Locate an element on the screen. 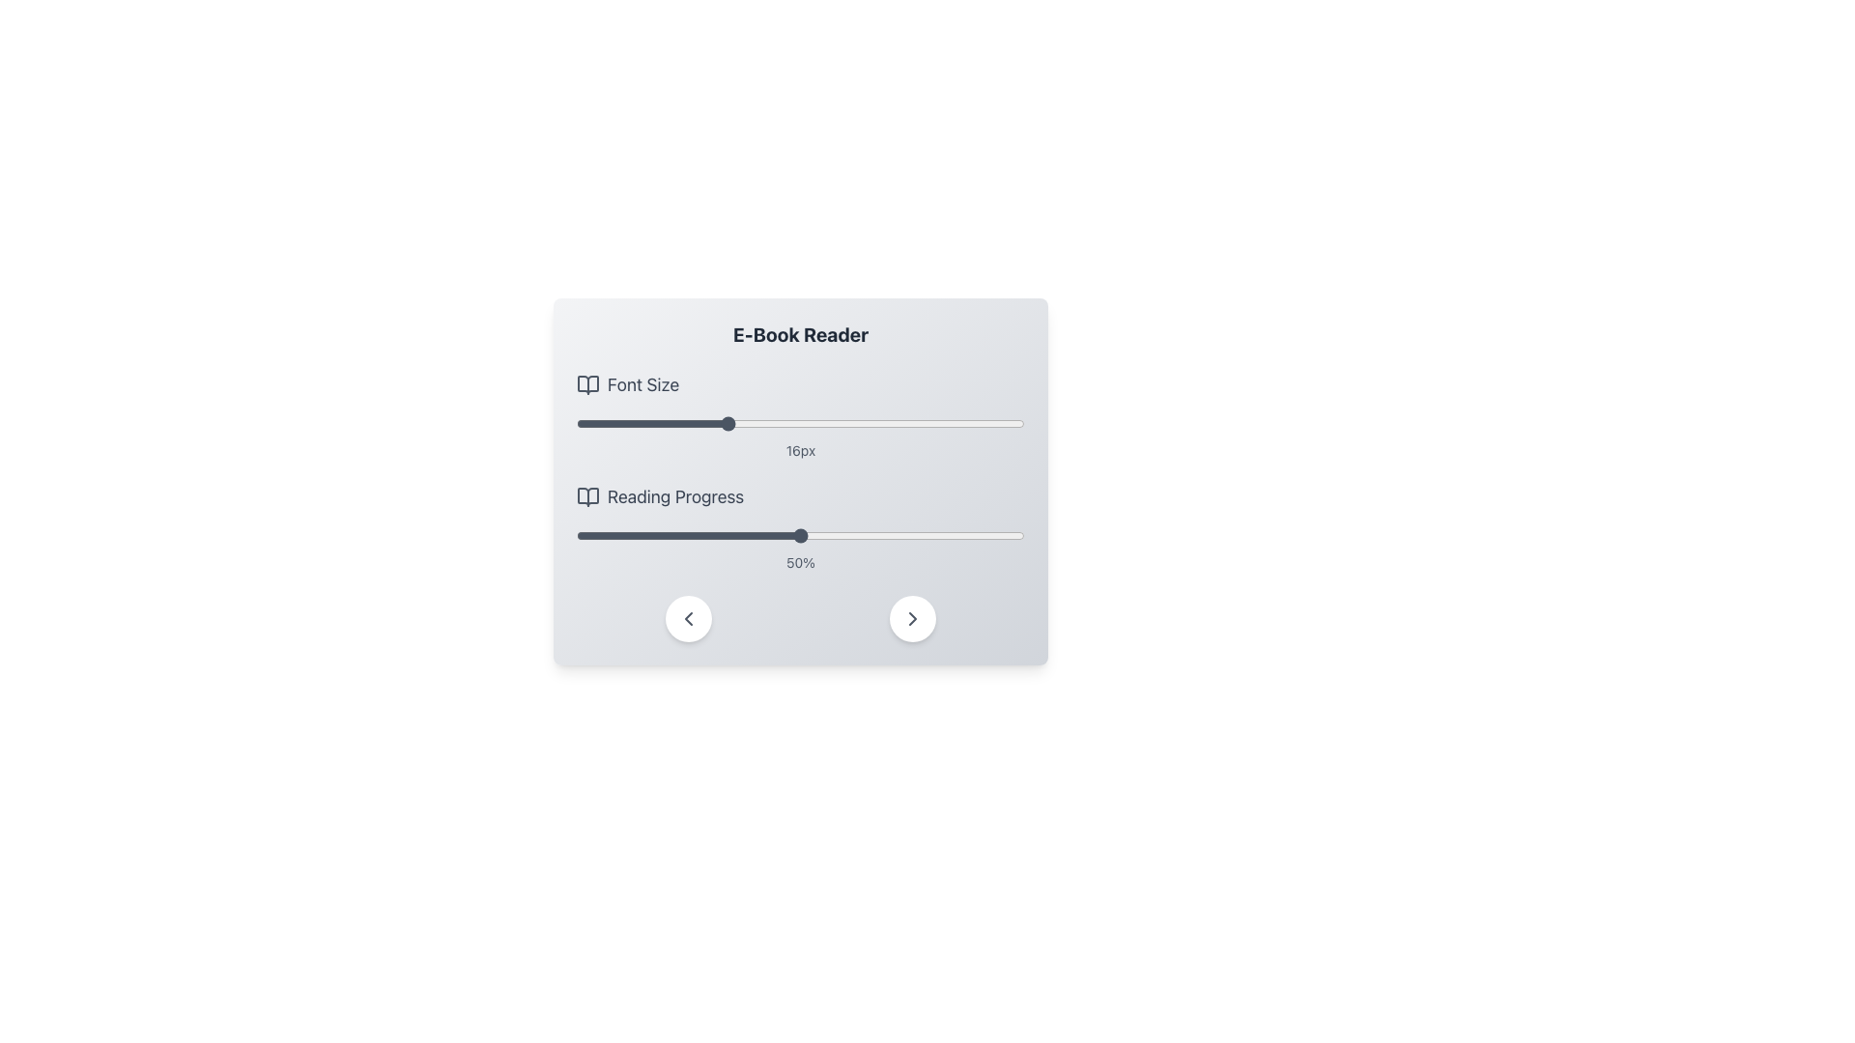  the leftward chevron icon inside the circular white button is located at coordinates (689, 618).